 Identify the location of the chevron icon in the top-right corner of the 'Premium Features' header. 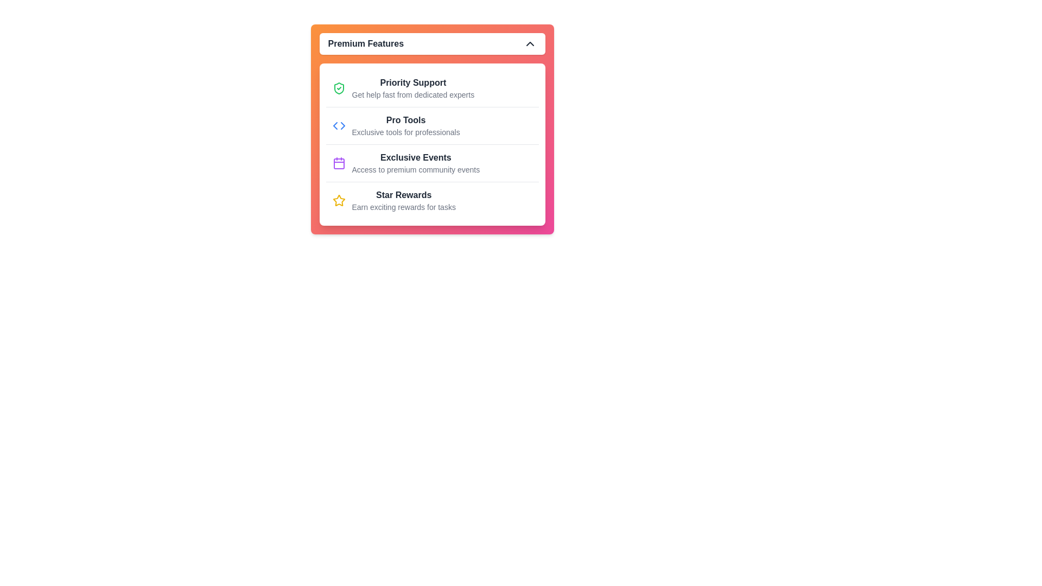
(530, 43).